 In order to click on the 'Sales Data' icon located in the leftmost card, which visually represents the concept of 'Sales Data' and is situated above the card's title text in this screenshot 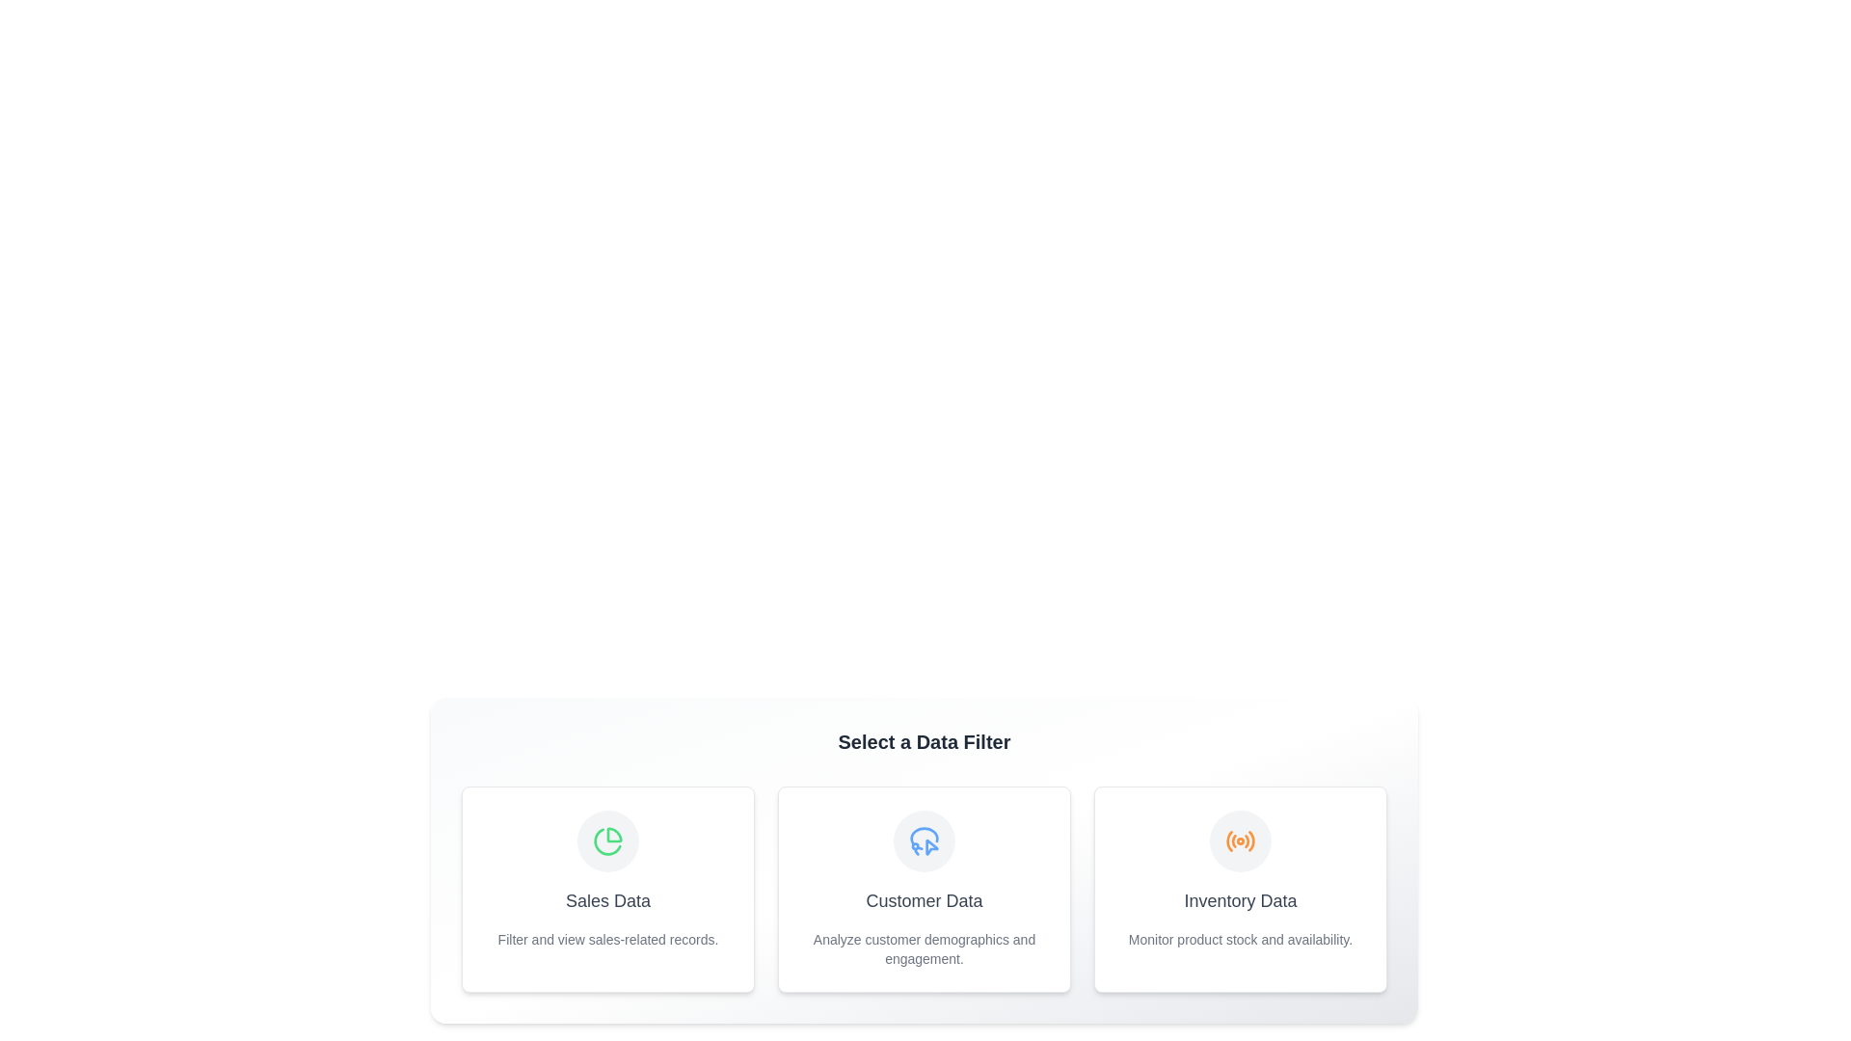, I will do `click(606, 840)`.